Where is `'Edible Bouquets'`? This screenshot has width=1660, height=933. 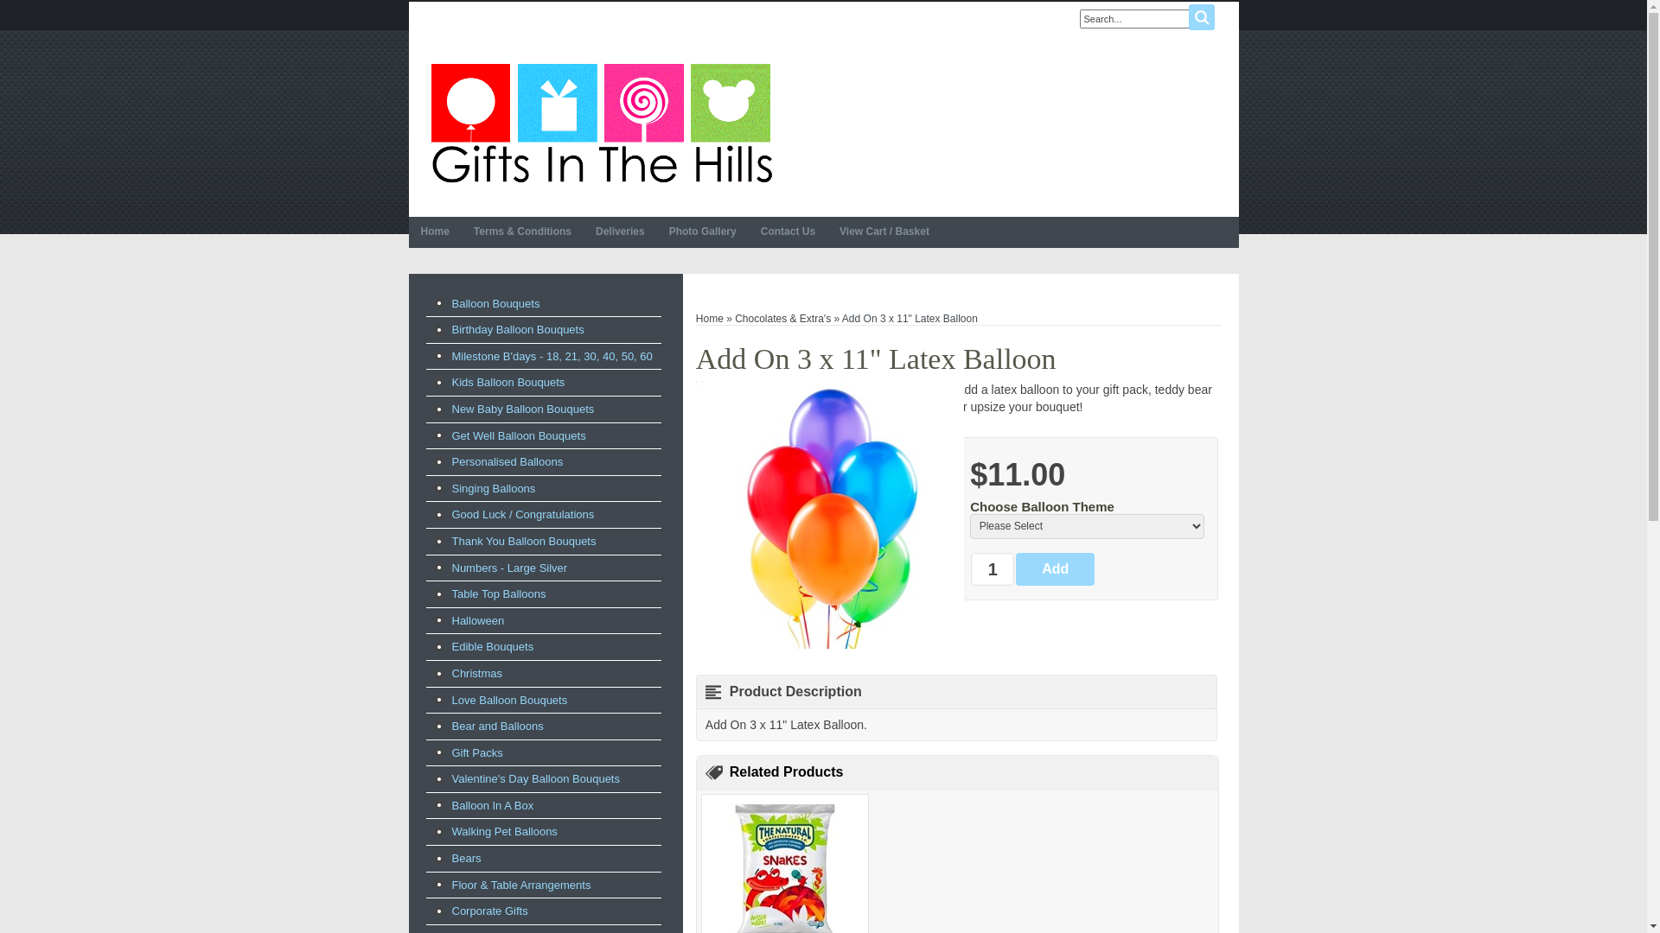
'Edible Bouquets' is located at coordinates (425, 646).